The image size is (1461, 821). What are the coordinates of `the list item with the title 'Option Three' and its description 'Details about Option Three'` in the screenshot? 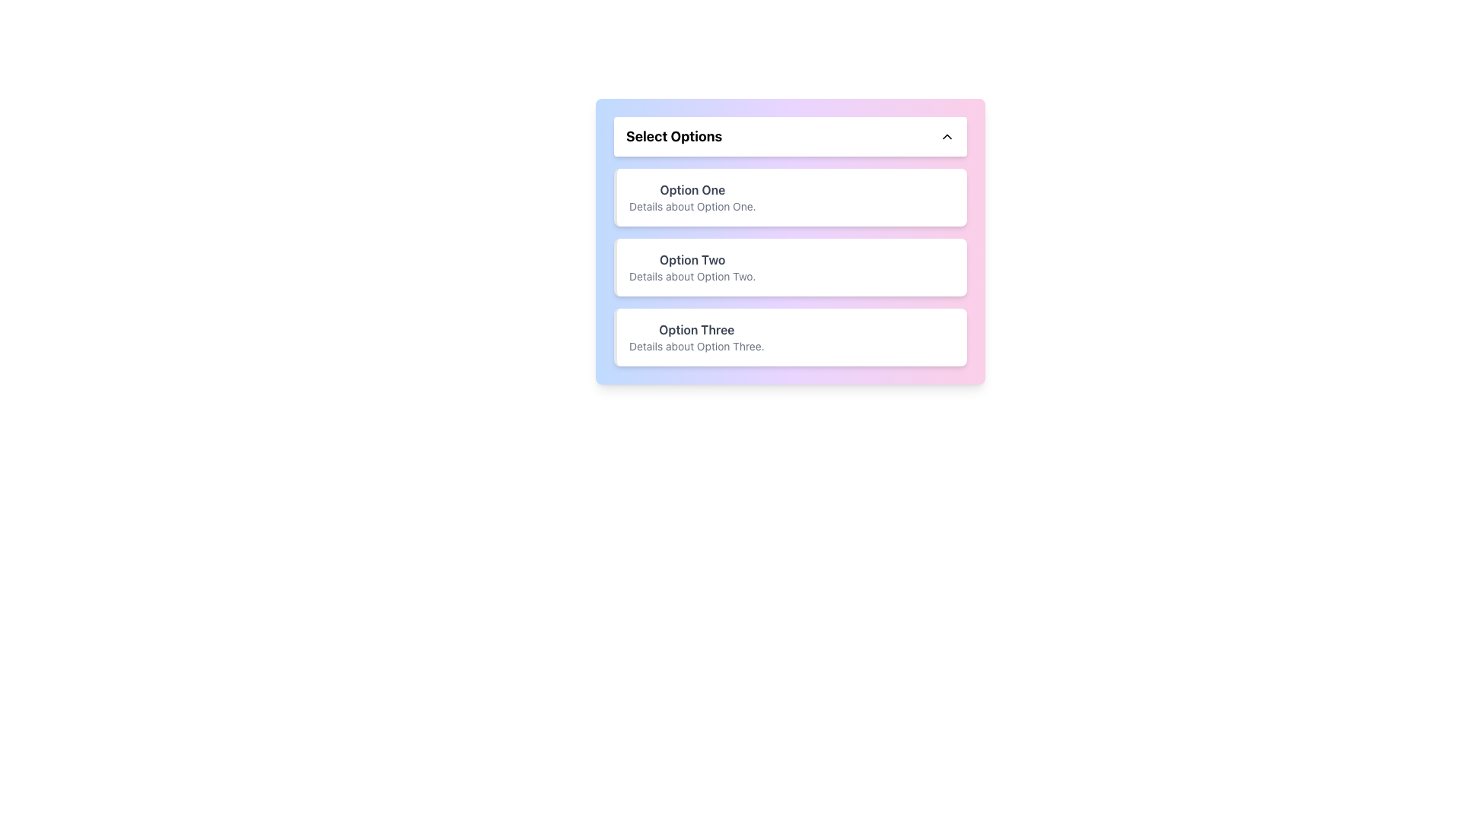 It's located at (695, 336).